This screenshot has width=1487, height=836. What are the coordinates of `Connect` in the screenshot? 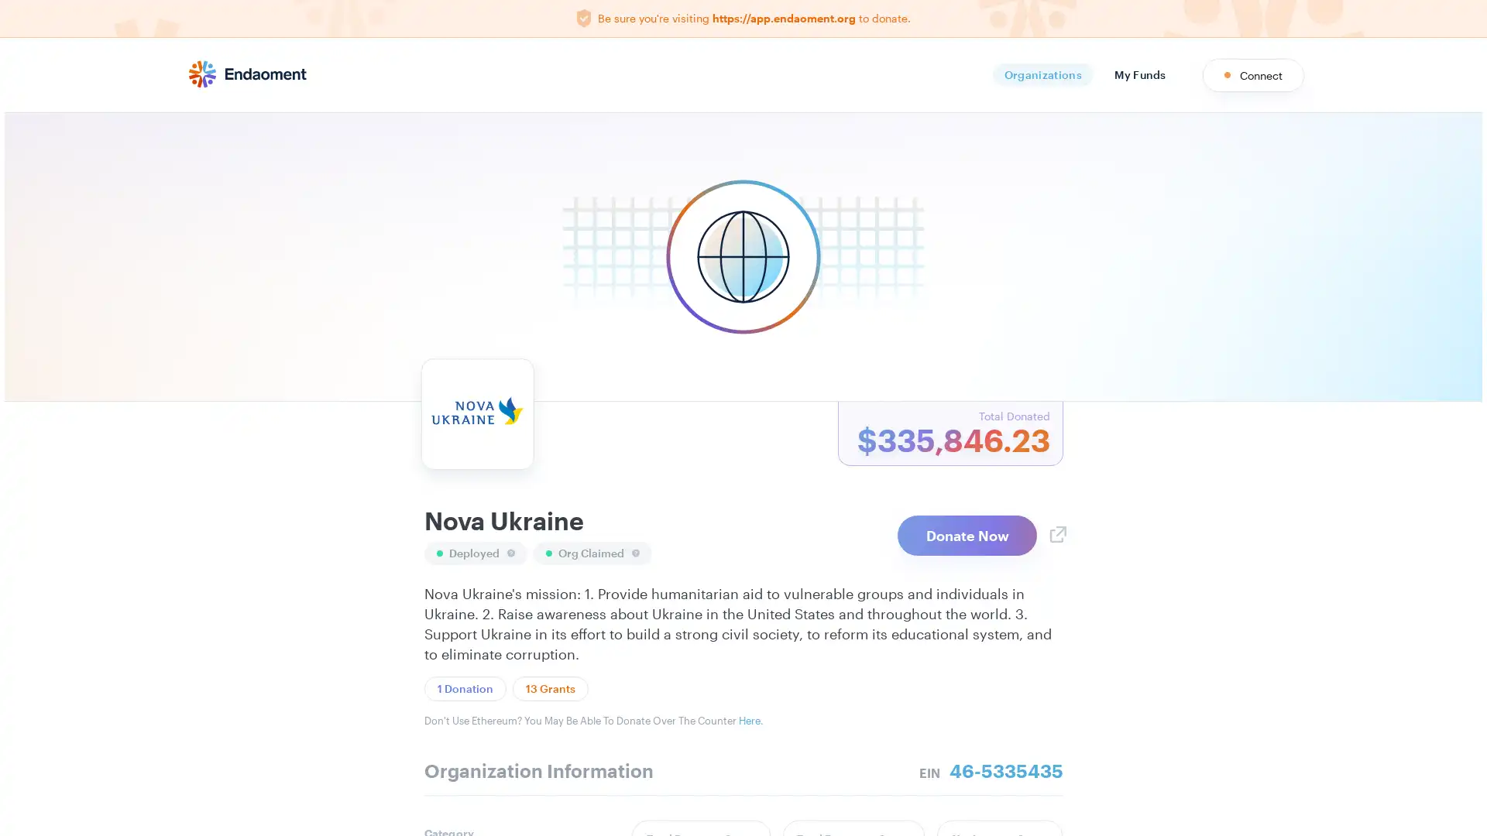 It's located at (1253, 74).